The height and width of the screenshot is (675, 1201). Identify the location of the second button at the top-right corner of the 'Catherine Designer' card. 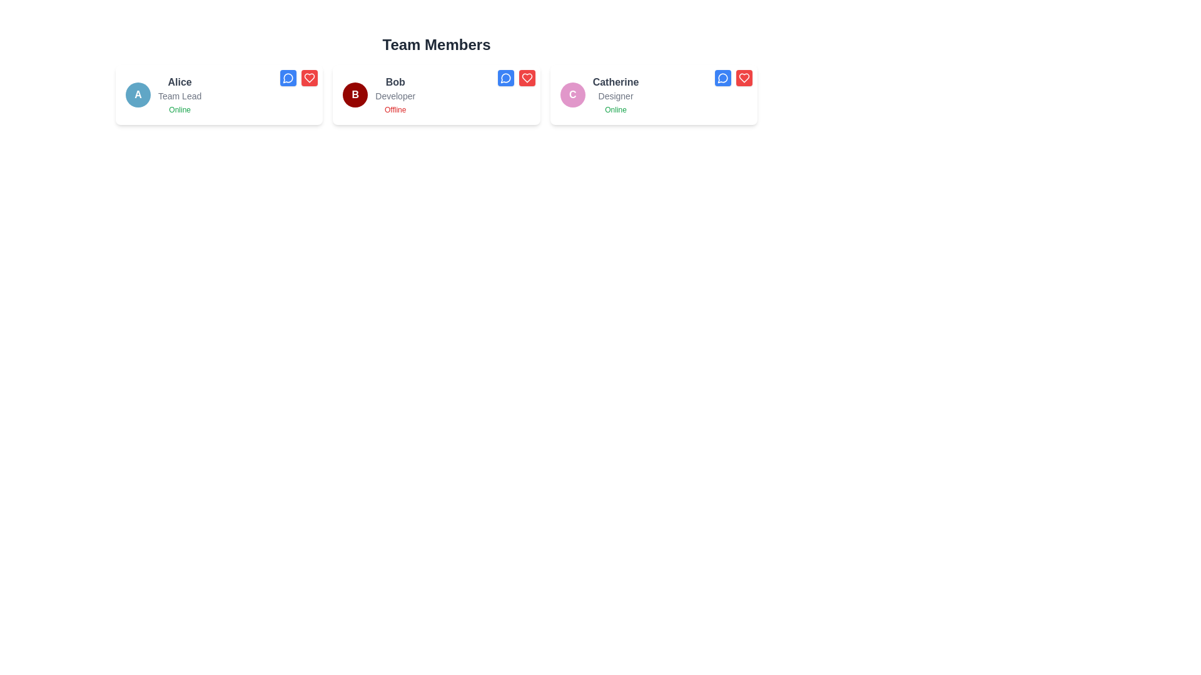
(744, 77).